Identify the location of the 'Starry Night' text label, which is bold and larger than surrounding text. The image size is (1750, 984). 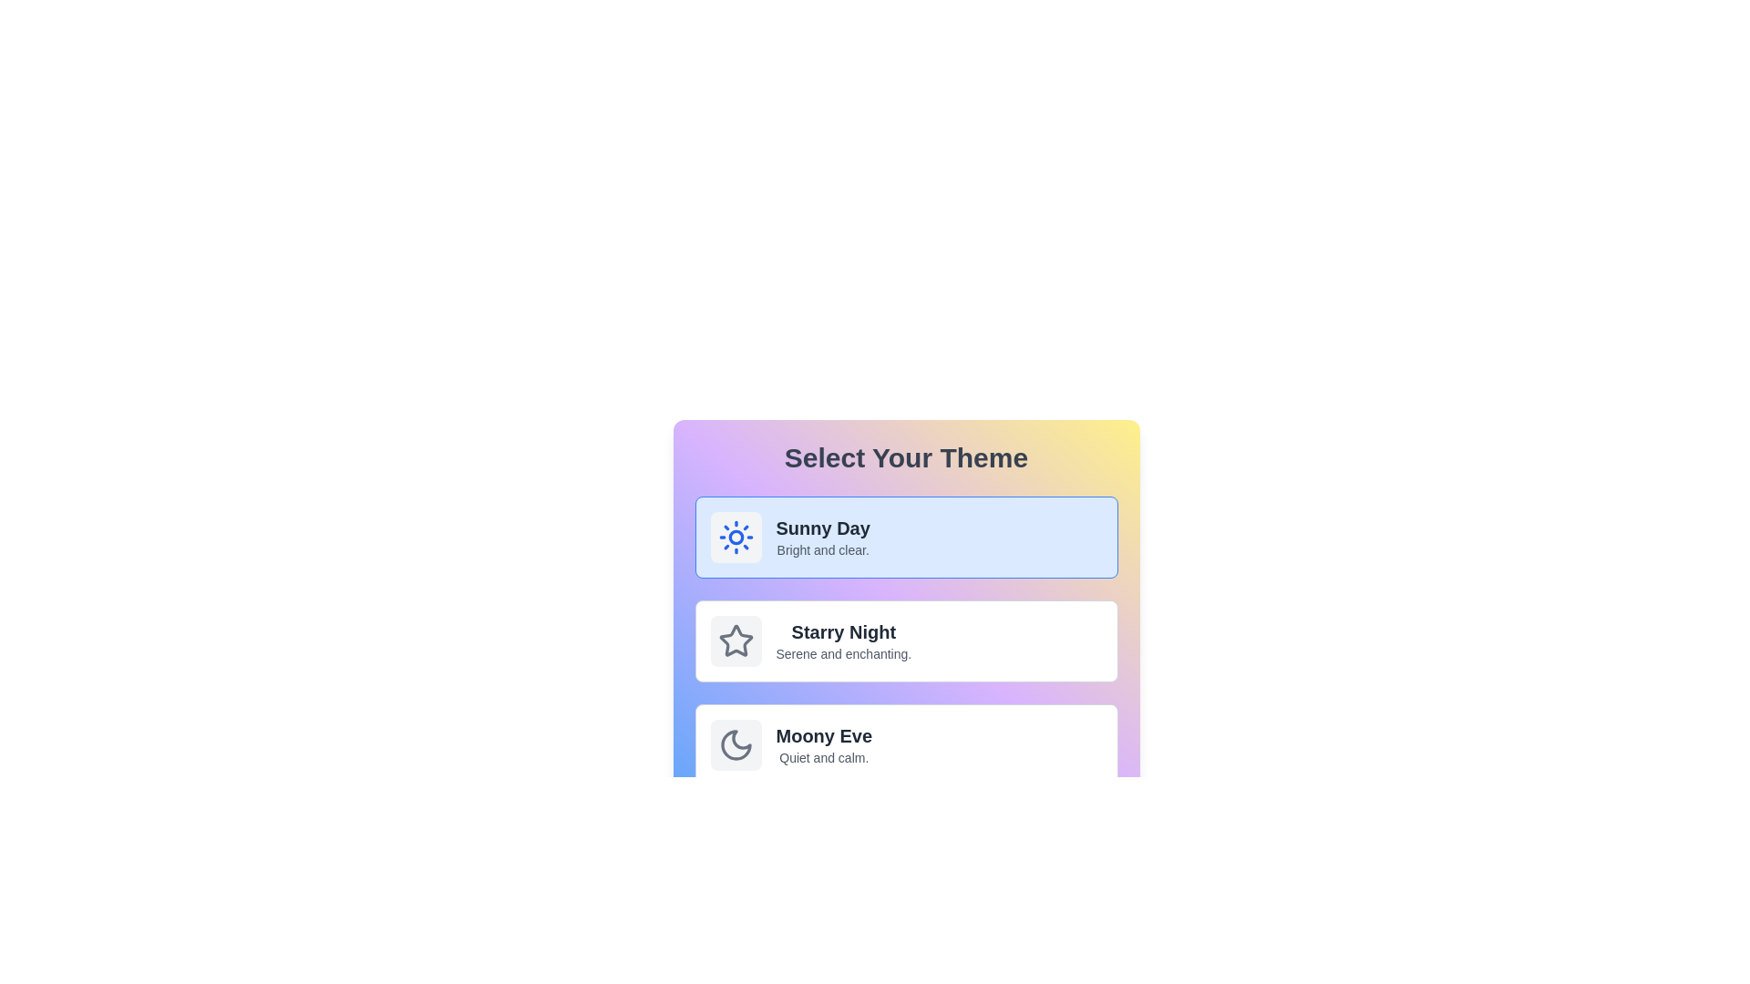
(842, 631).